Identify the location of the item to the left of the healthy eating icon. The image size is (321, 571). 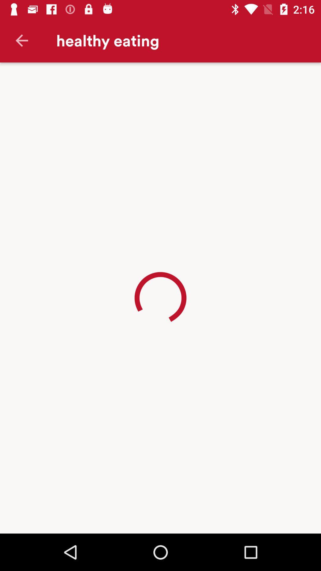
(21, 40).